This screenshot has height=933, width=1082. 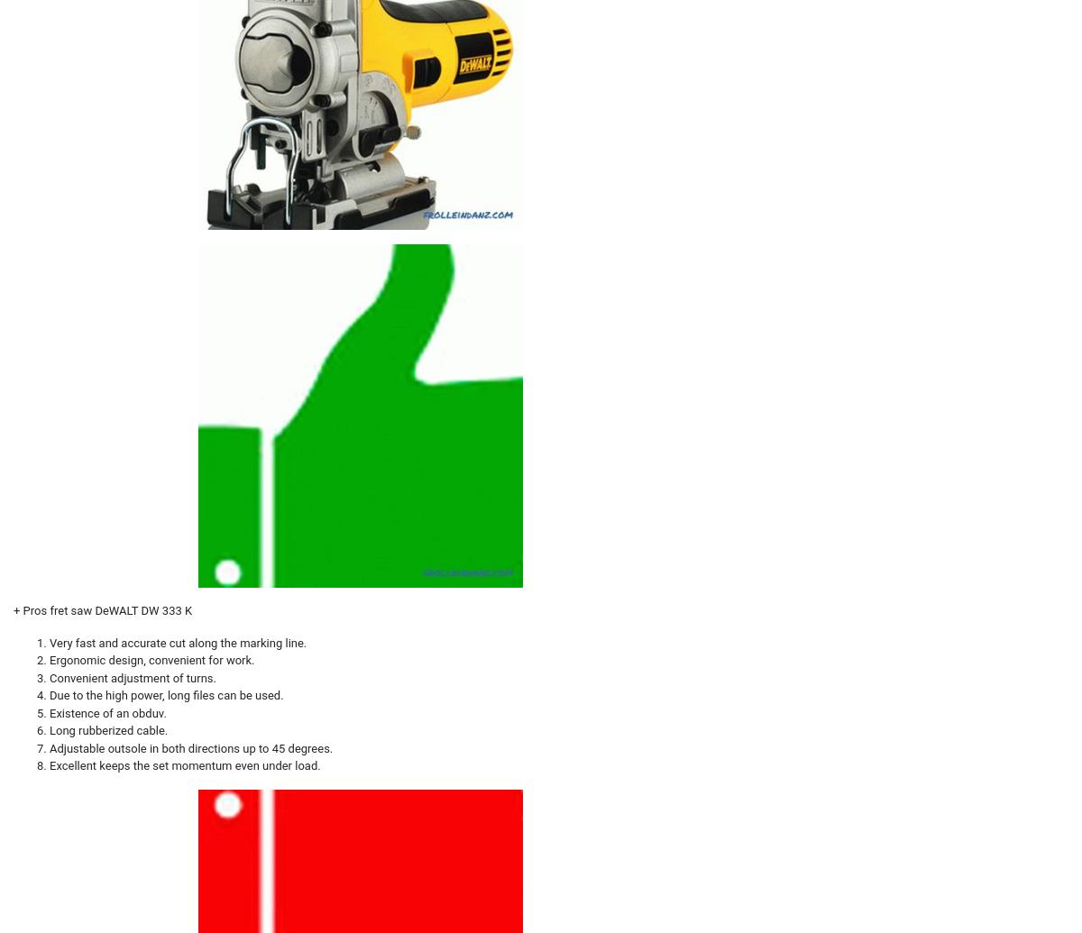 I want to click on 'Due to the high power, long files can be used.', so click(x=165, y=694).